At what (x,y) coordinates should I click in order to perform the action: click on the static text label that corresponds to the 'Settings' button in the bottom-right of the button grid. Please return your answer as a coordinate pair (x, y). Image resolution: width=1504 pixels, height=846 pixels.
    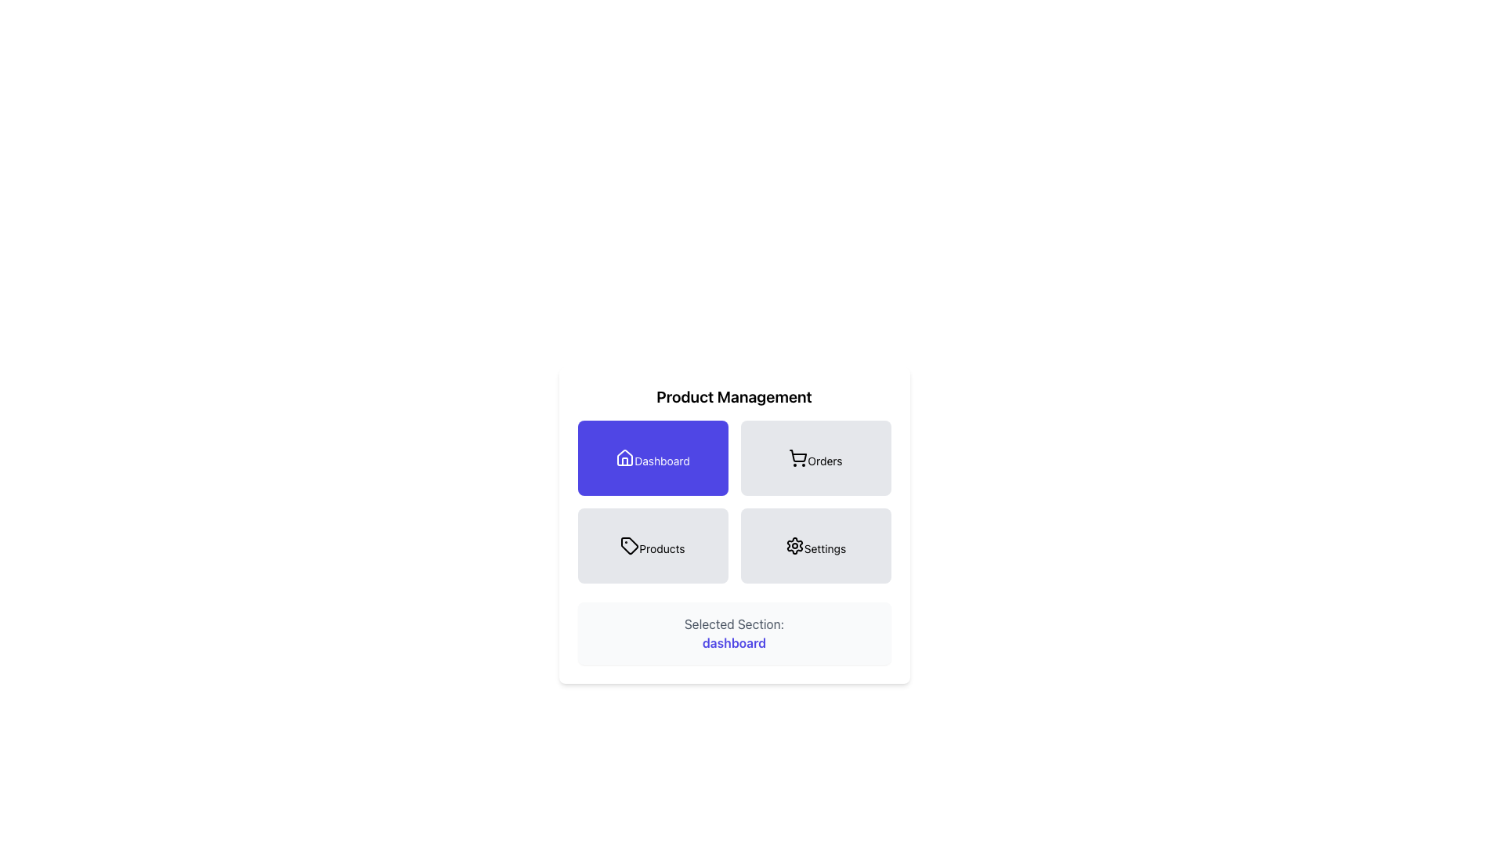
    Looking at the image, I should click on (824, 548).